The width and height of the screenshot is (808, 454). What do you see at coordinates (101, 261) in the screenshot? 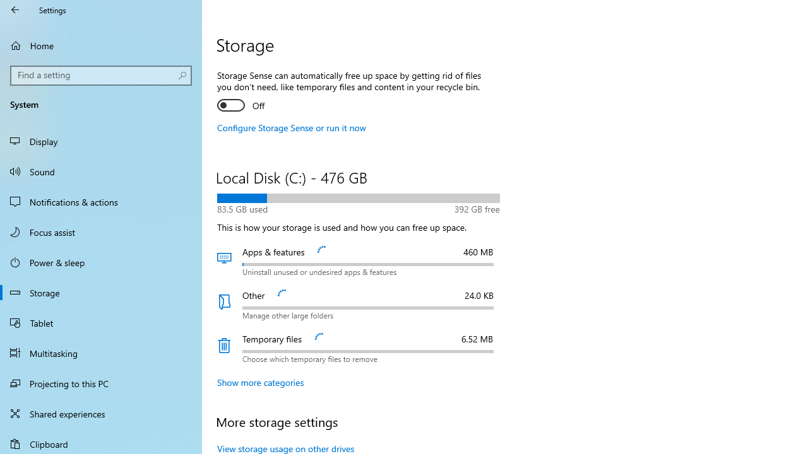
I see `'Power & sleep'` at bounding box center [101, 261].